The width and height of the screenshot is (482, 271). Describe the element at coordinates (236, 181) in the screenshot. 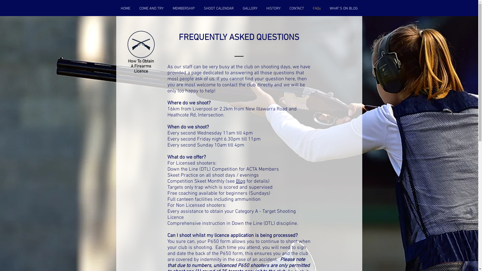

I see `'Blog'` at that location.